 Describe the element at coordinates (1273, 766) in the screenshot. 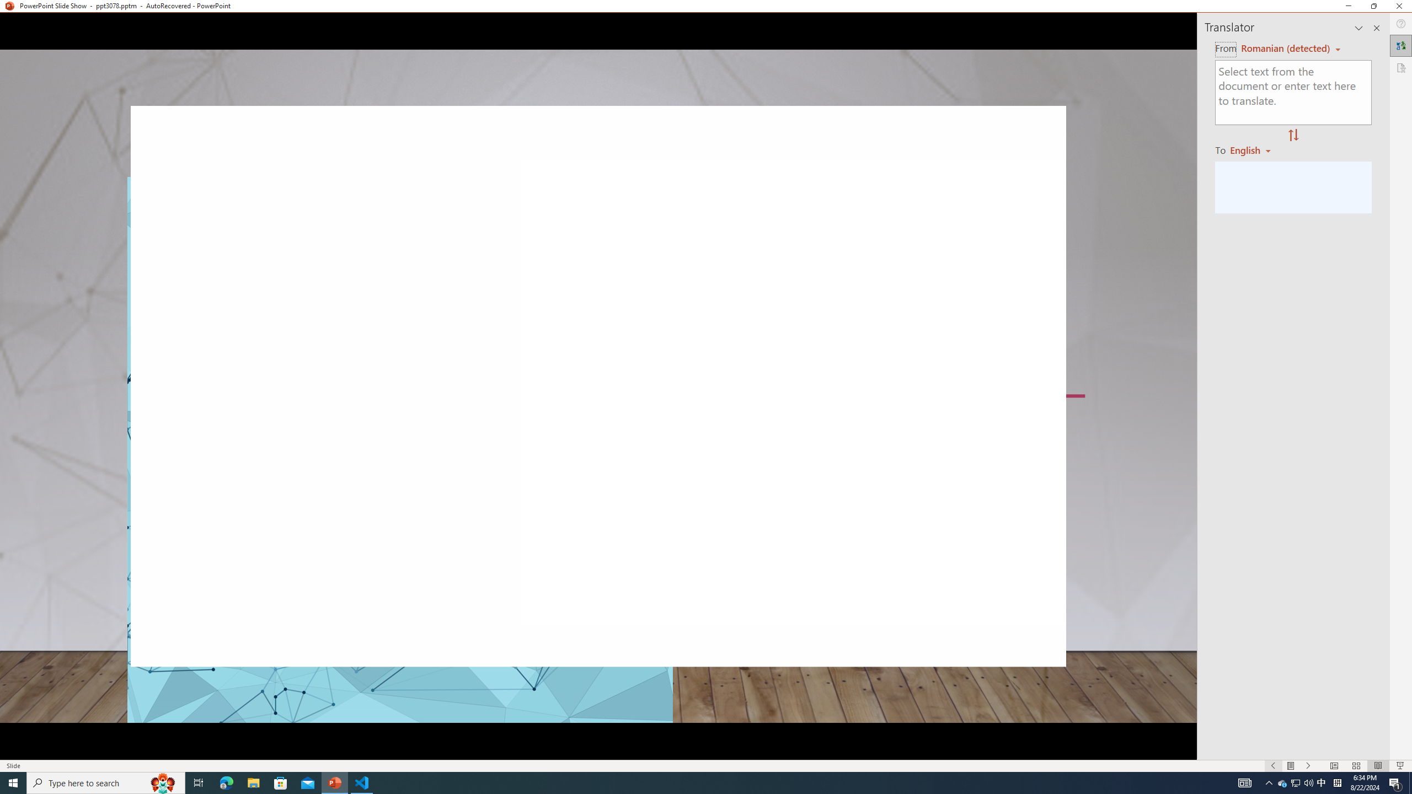

I see `'Slide Show Previous On'` at that location.